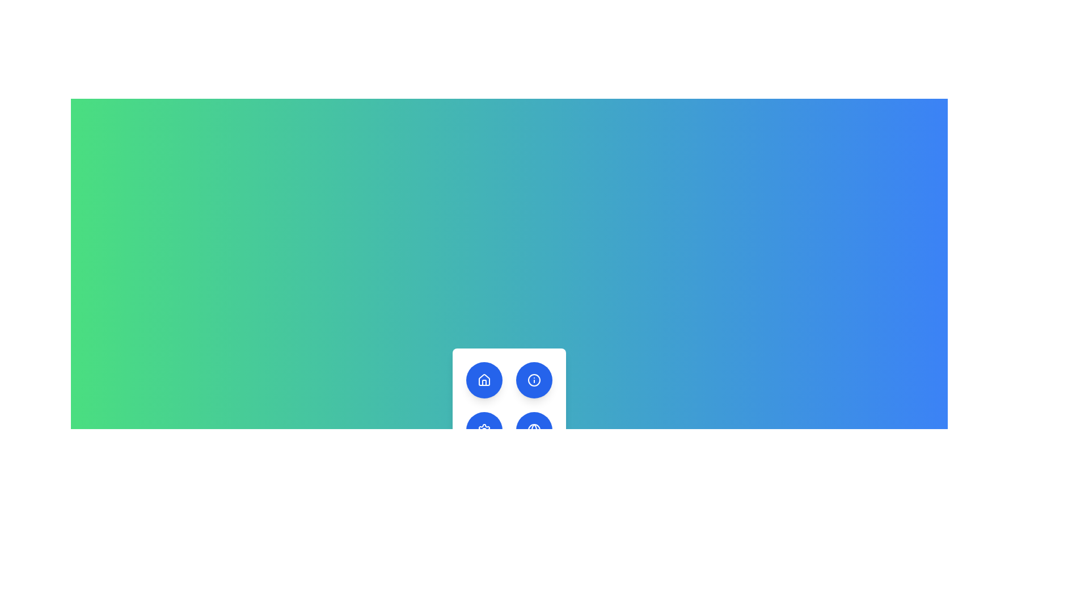 This screenshot has width=1089, height=613. Describe the element at coordinates (484, 380) in the screenshot. I see `the button with a house SVG icon, located within a blue circular background` at that location.